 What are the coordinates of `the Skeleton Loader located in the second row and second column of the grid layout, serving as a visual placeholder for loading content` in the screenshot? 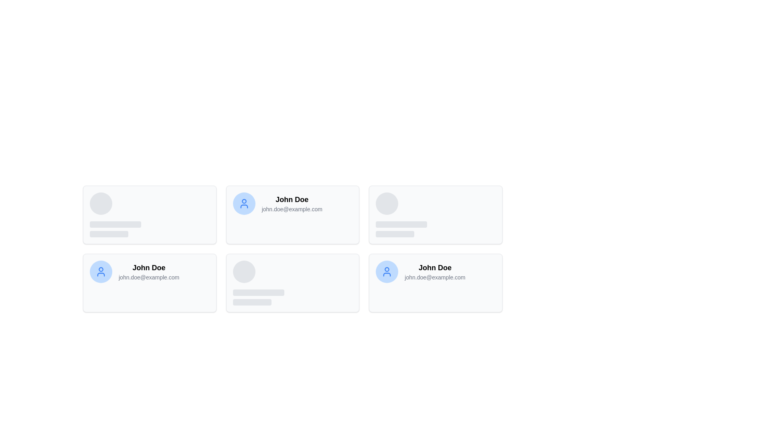 It's located at (258, 282).